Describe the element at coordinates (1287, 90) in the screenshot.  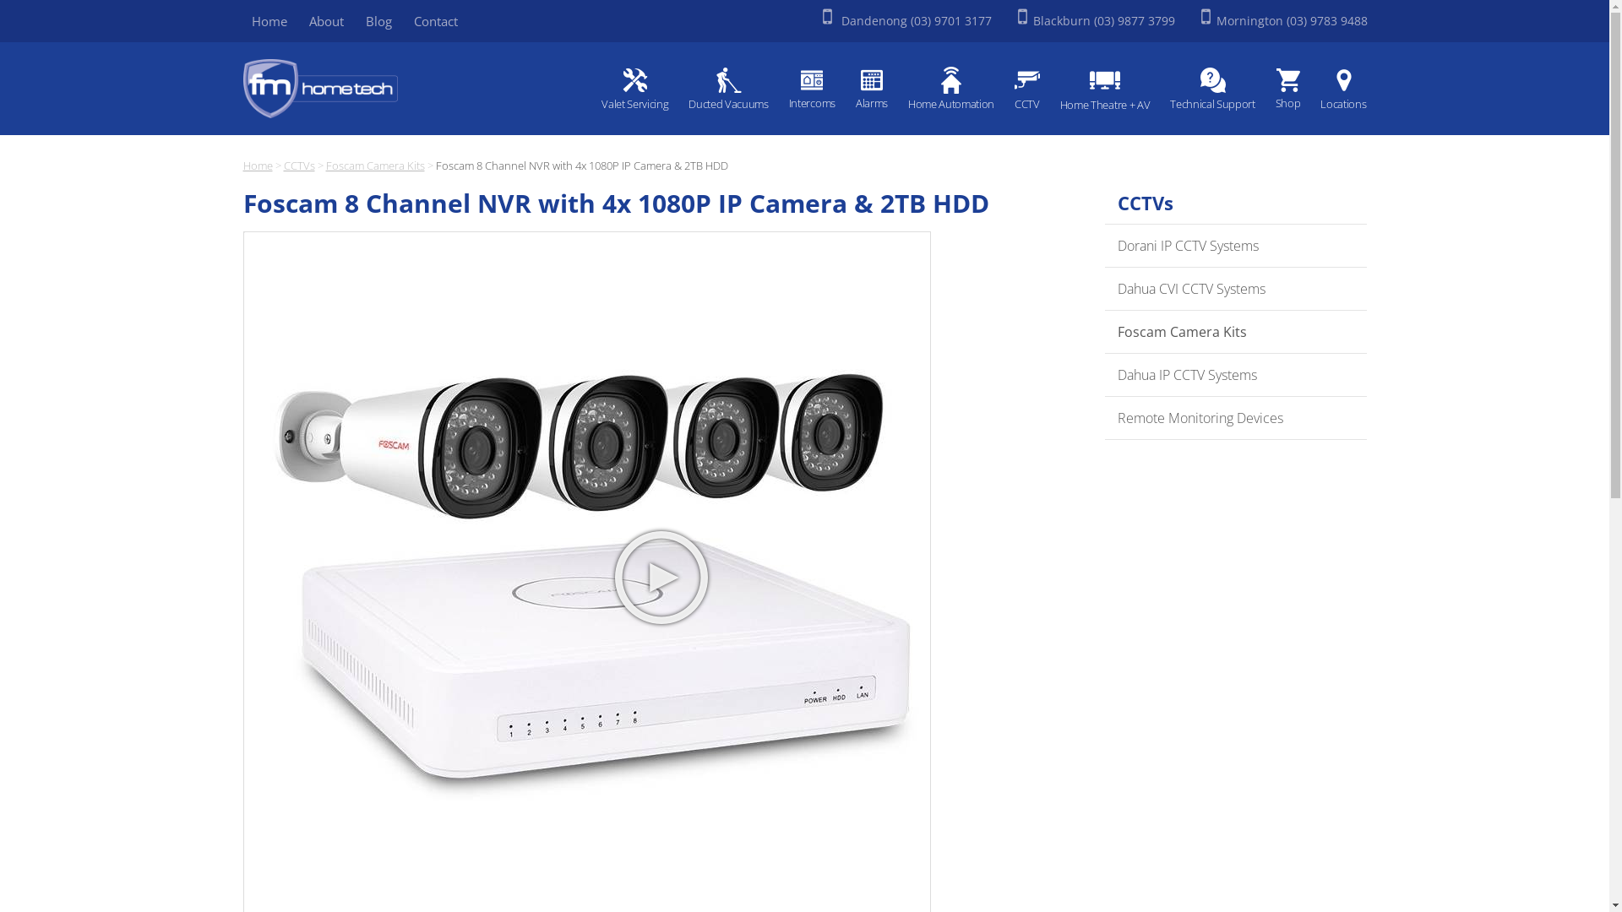
I see `'Shop'` at that location.